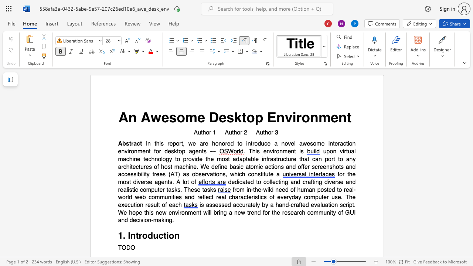 This screenshot has height=266, width=473. Describe the element at coordinates (125, 151) in the screenshot. I see `the subset text "vironment for desktop" within the text "In this report, we are honored to introduce a novel awesome interaction environment for desktop agents ---"` at that location.